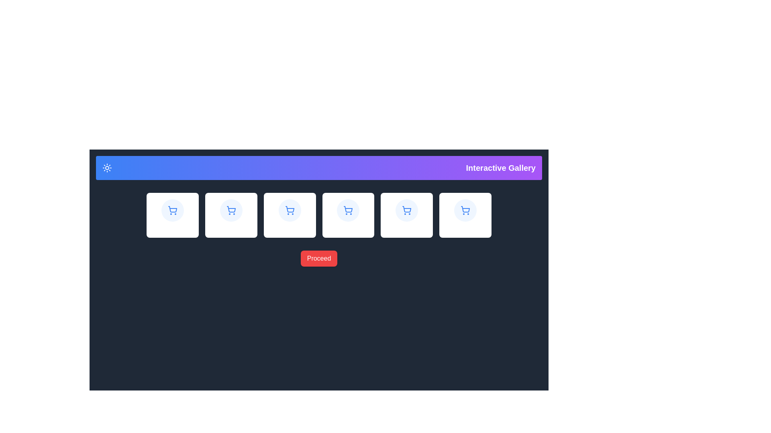  I want to click on the blue outlined shopping cart icon, which is centrally positioned in its square card with a white background, so click(465, 209).